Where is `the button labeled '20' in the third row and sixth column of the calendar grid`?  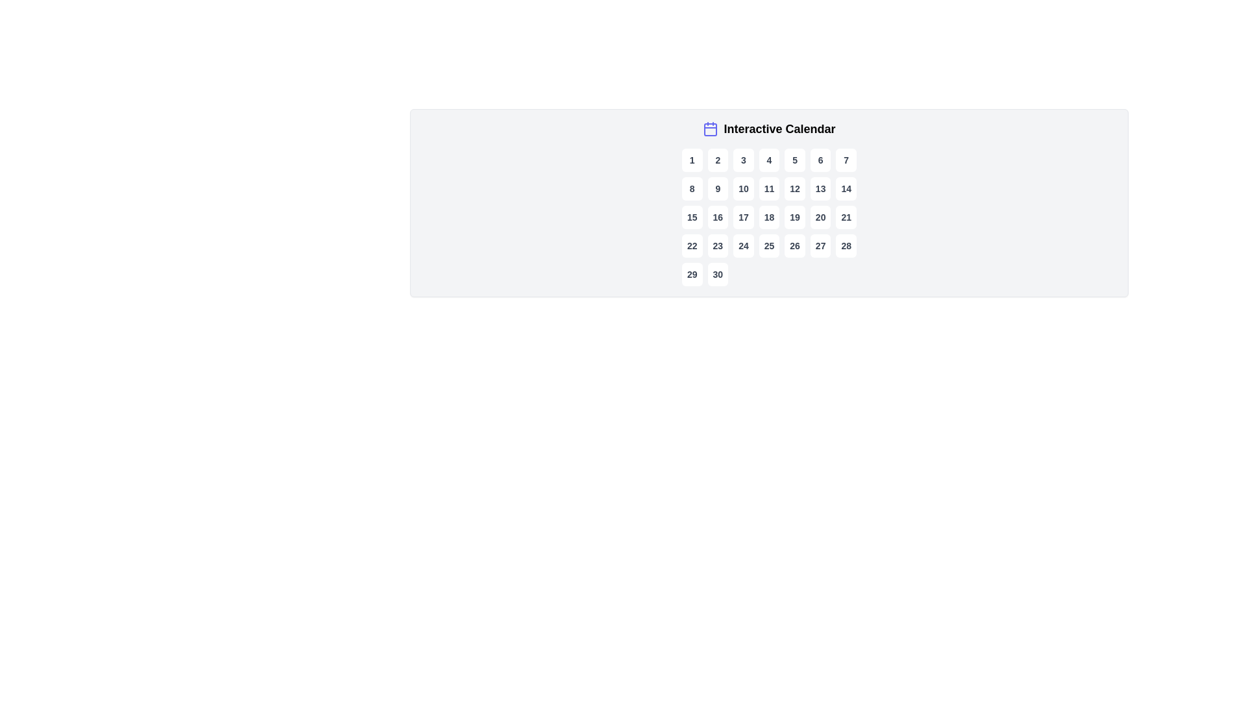
the button labeled '20' in the third row and sixth column of the calendar grid is located at coordinates (820, 217).